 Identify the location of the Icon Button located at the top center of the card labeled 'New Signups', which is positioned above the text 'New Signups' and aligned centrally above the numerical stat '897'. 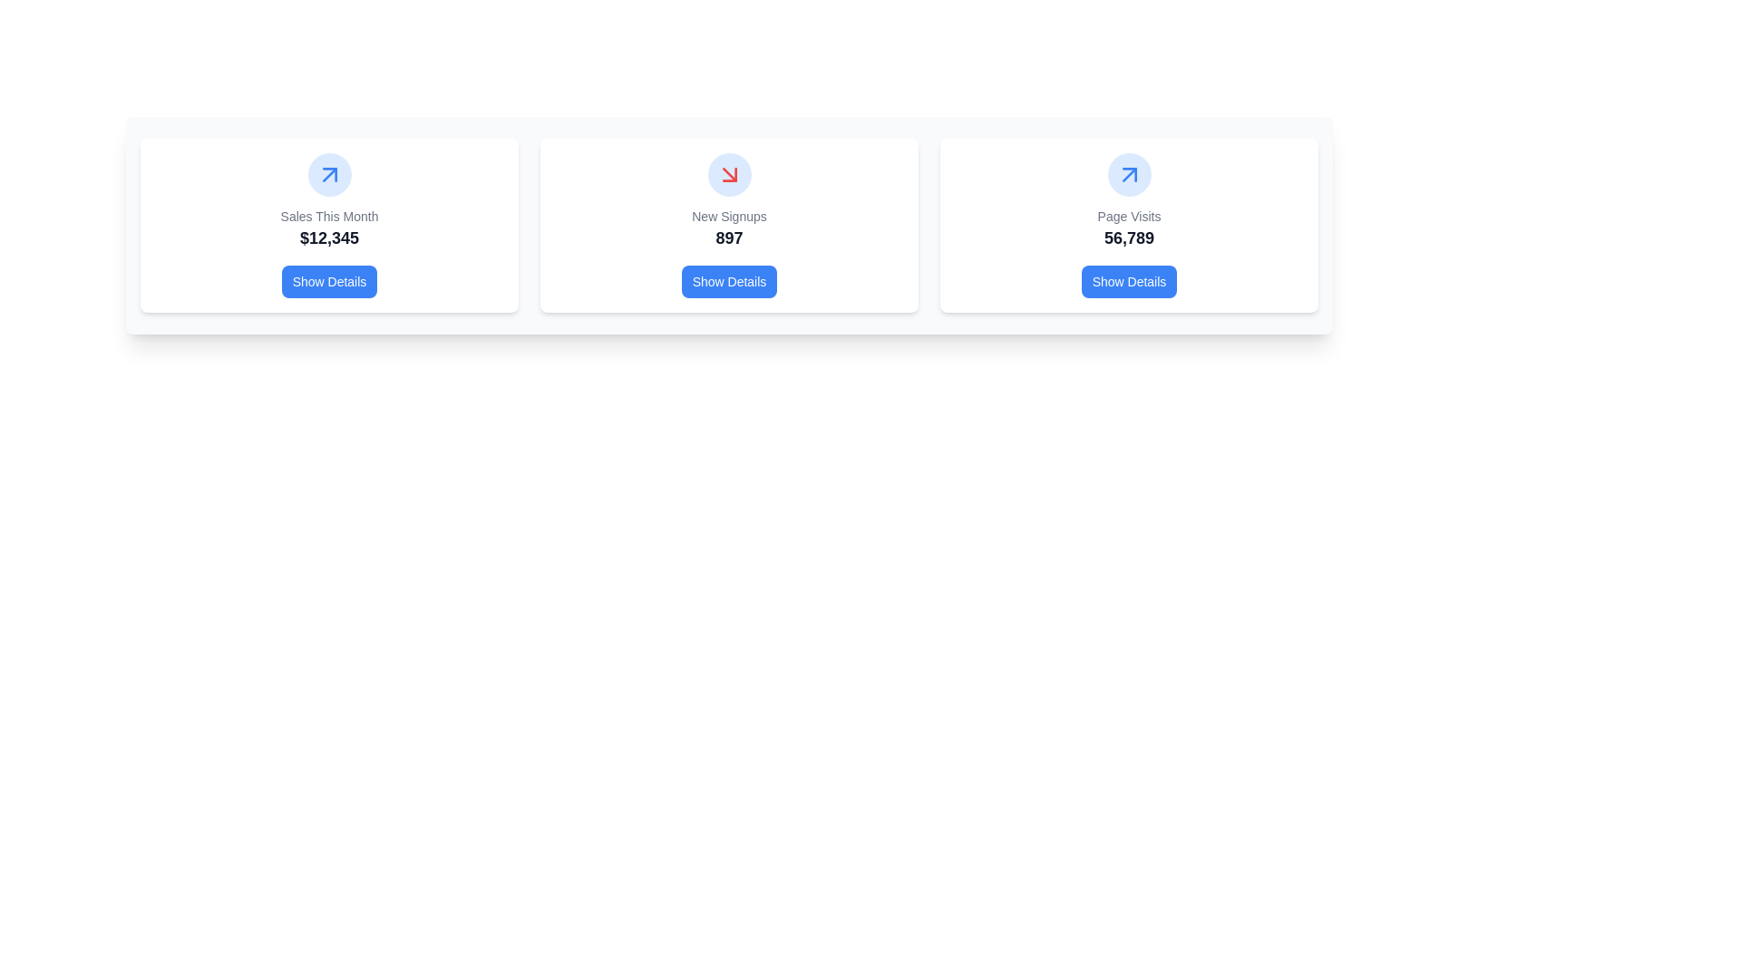
(729, 174).